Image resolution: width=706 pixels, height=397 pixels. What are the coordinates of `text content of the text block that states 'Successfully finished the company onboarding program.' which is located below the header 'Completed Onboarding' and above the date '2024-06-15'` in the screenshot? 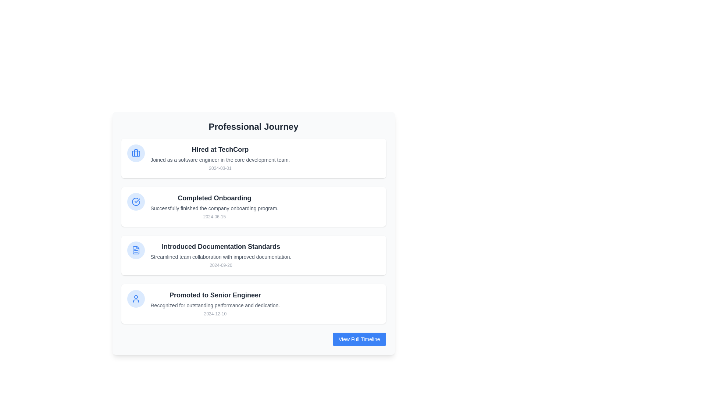 It's located at (214, 208).